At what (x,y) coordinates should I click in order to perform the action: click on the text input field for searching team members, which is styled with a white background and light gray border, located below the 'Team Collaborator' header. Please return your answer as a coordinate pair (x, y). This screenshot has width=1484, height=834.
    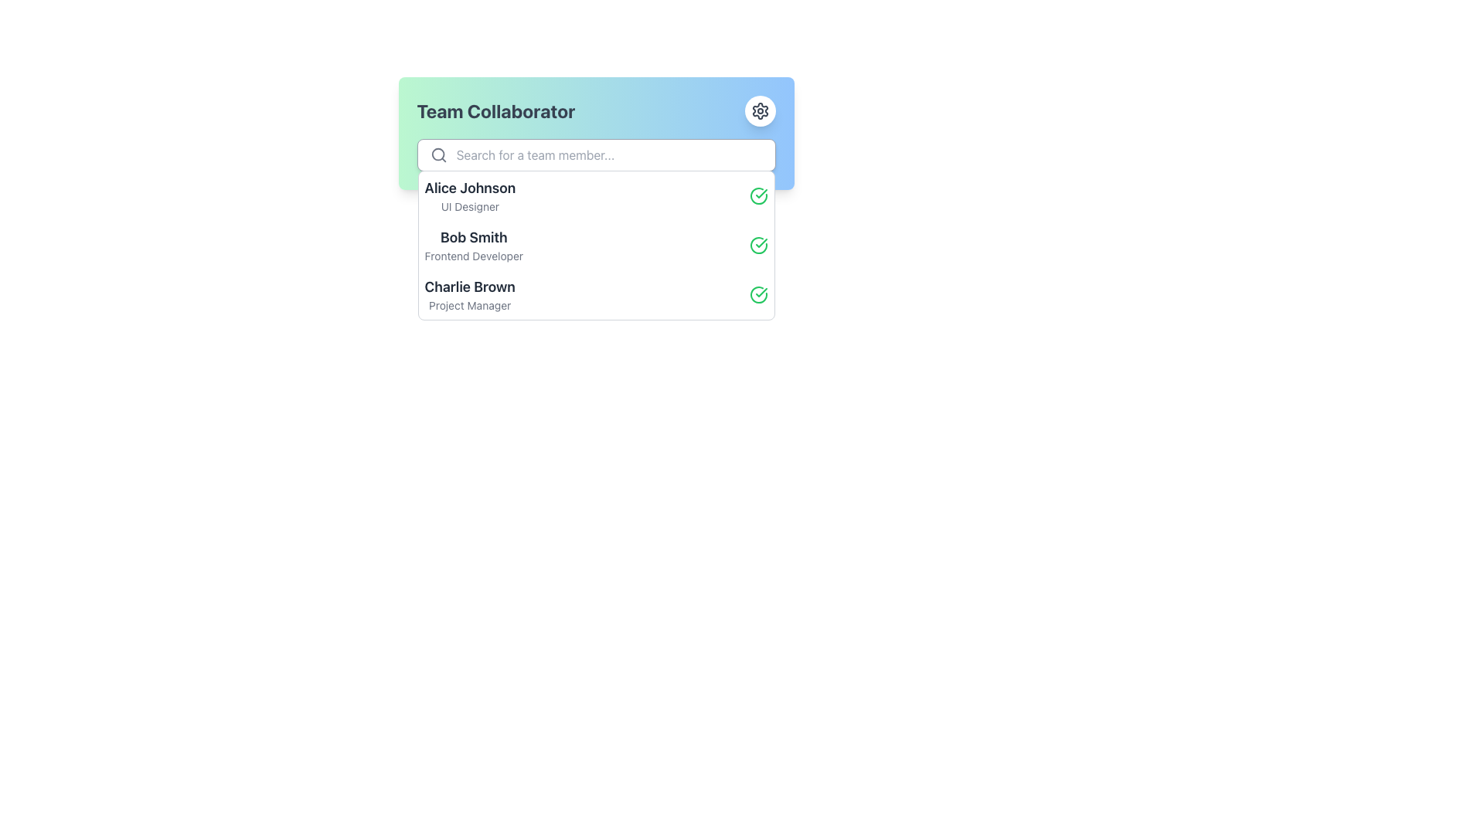
    Looking at the image, I should click on (595, 154).